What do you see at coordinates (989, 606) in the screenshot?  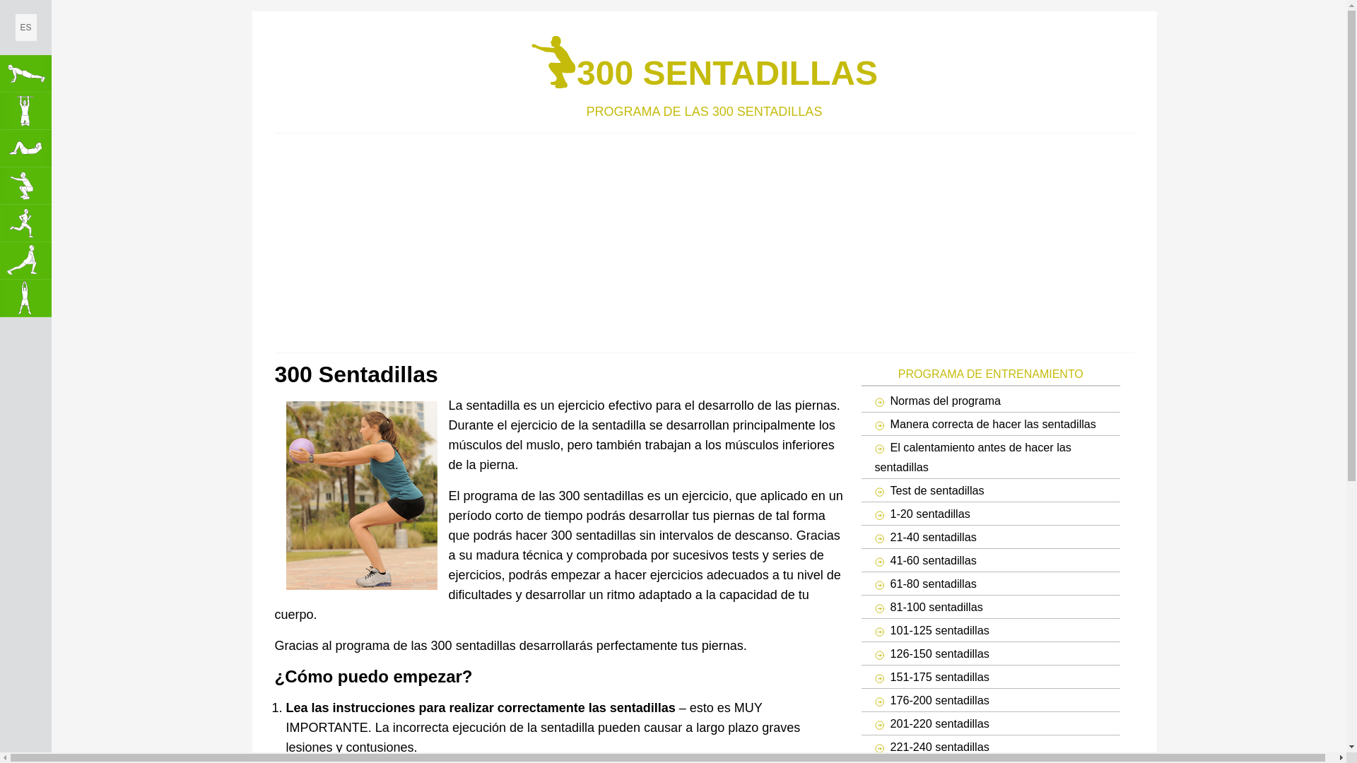 I see `'81-100 sentadillas'` at bounding box center [989, 606].